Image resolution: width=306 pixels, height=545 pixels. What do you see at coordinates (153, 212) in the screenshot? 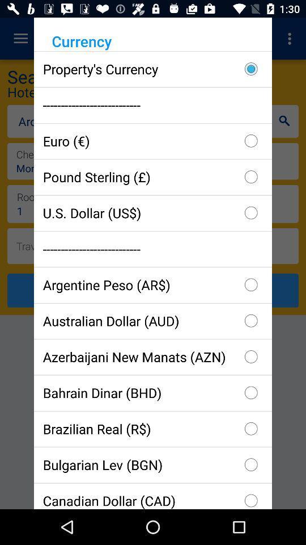
I see `u s dollar` at bounding box center [153, 212].